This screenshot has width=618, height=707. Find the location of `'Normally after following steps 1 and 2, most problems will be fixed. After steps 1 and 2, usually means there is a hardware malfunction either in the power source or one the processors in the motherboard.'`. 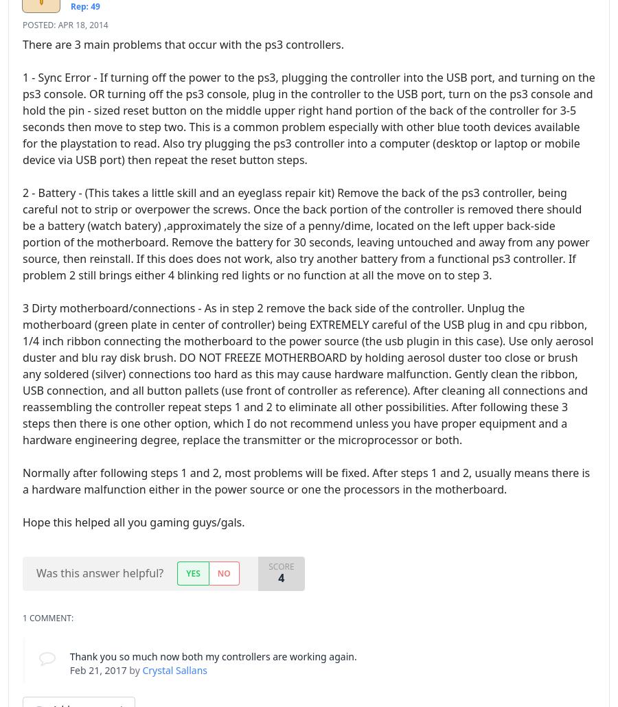

'Normally after following steps 1 and 2, most problems will be fixed. After steps 1 and 2, usually means there is a hardware malfunction either in the power source or one the processors in the motherboard.' is located at coordinates (306, 480).